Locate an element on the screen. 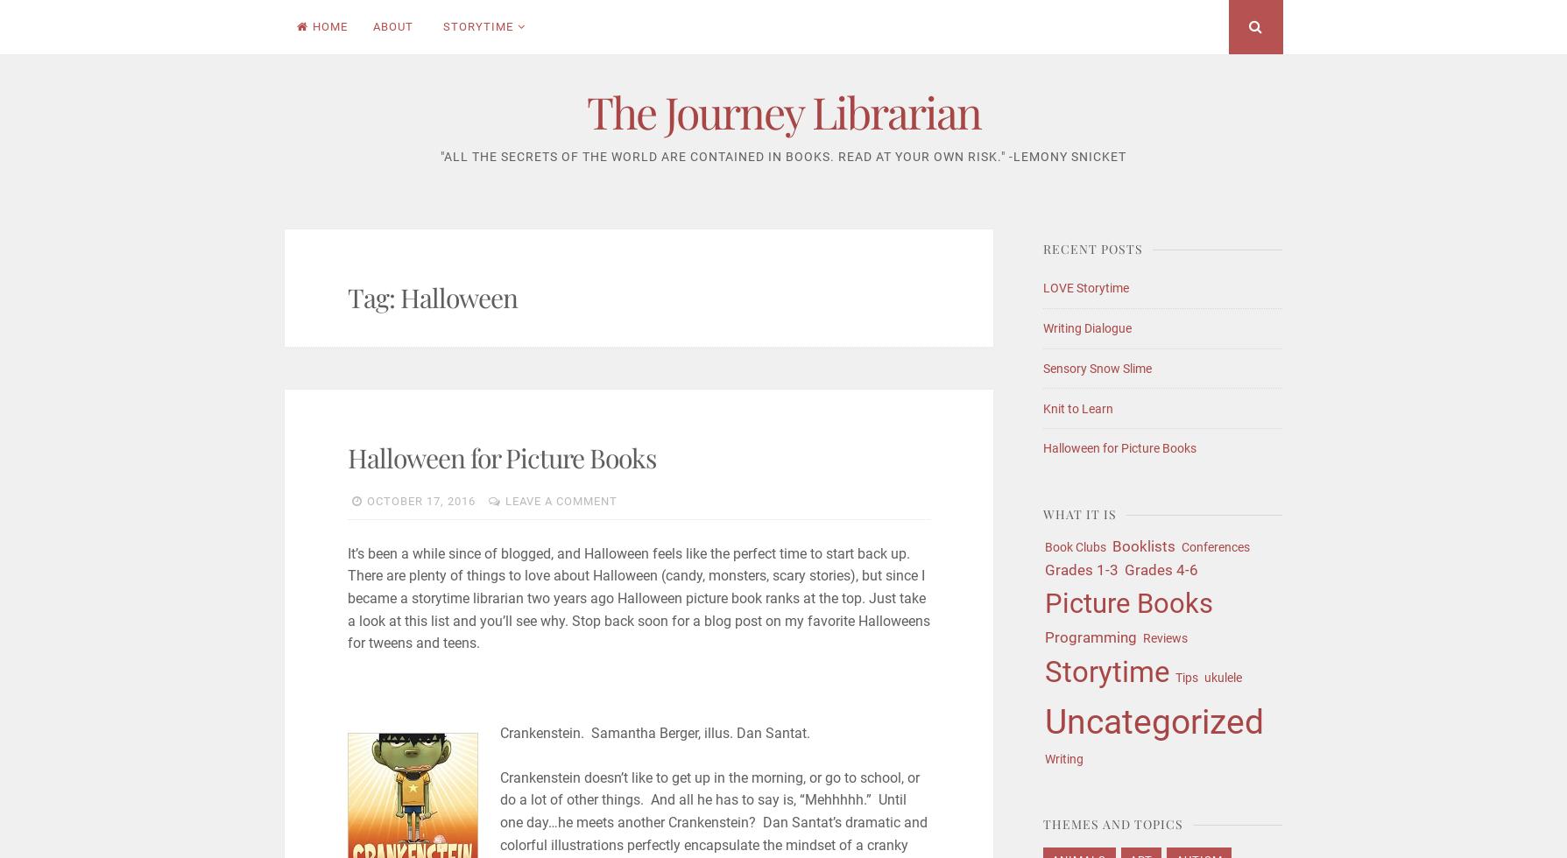 This screenshot has width=1567, height=858. 'Tips' is located at coordinates (1185, 677).